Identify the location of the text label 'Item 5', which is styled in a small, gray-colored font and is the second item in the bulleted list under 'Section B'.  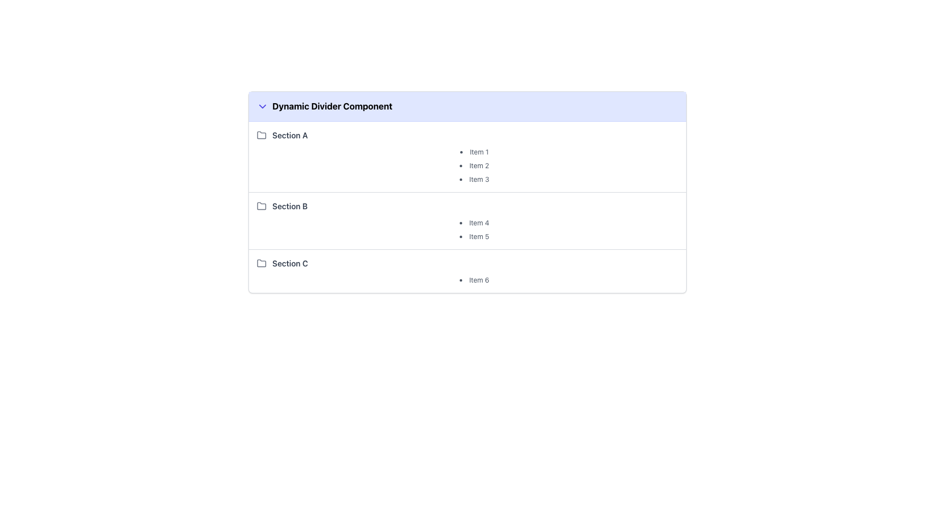
(474, 236).